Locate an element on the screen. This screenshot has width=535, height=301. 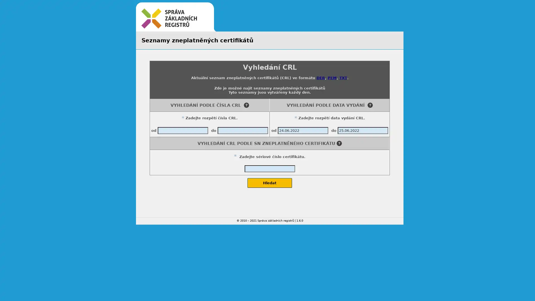
Napoveda is located at coordinates (370, 105).